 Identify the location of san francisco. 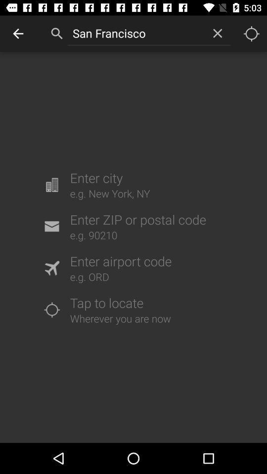
(135, 33).